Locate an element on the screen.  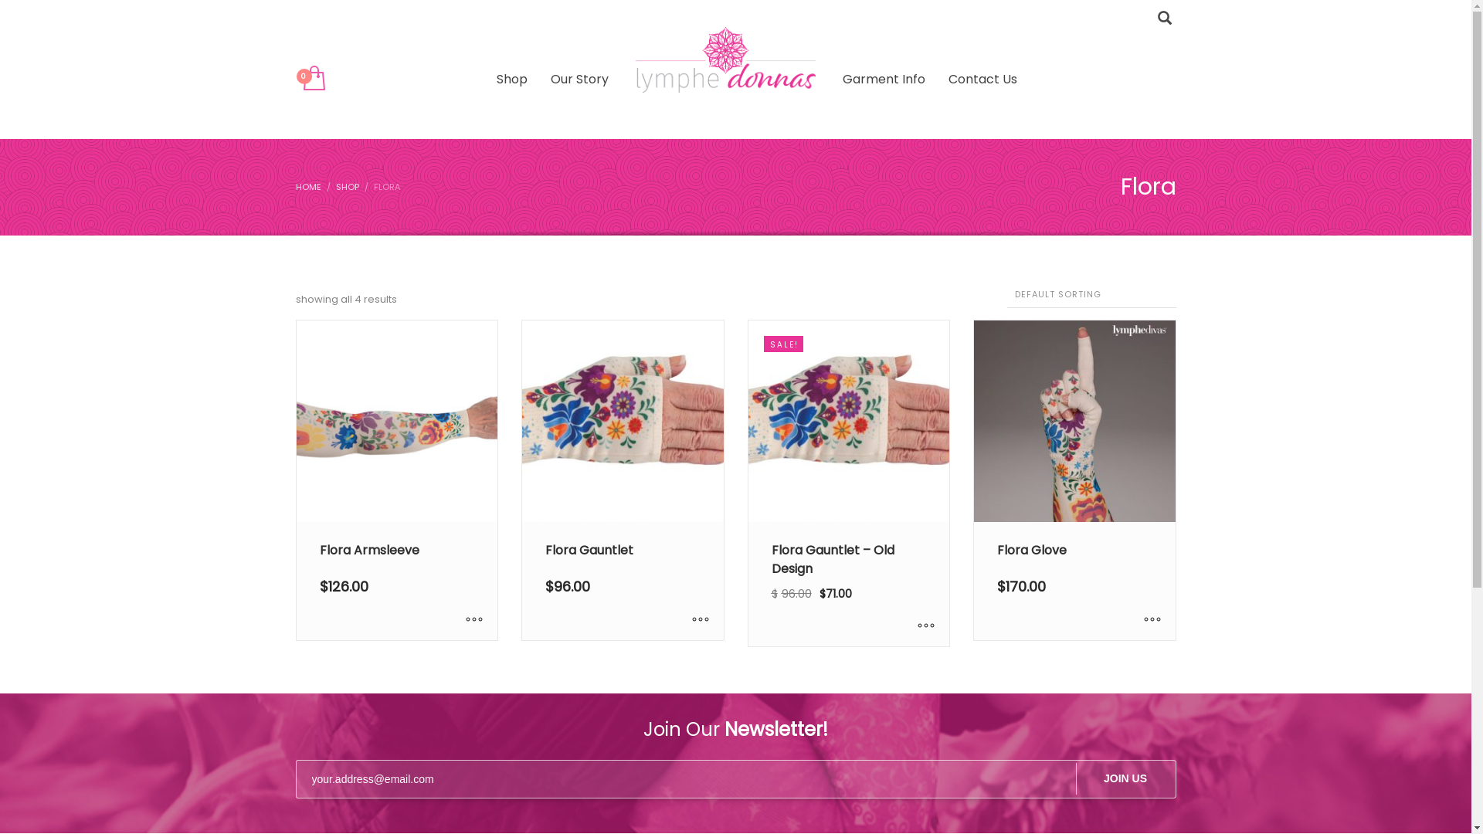
'Contact Us' is located at coordinates (982, 79).